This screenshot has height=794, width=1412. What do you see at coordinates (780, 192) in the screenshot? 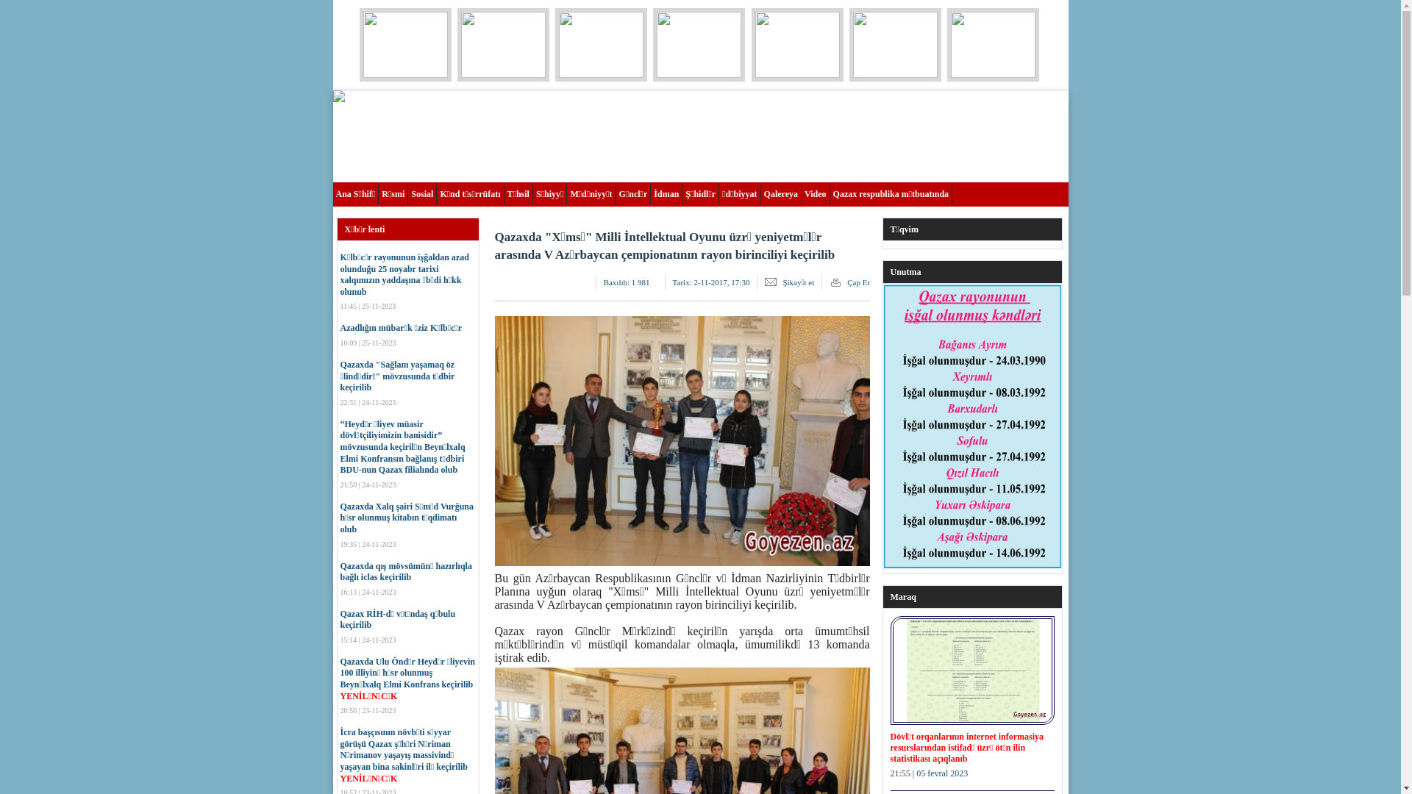
I see `'Qalereya'` at bounding box center [780, 192].